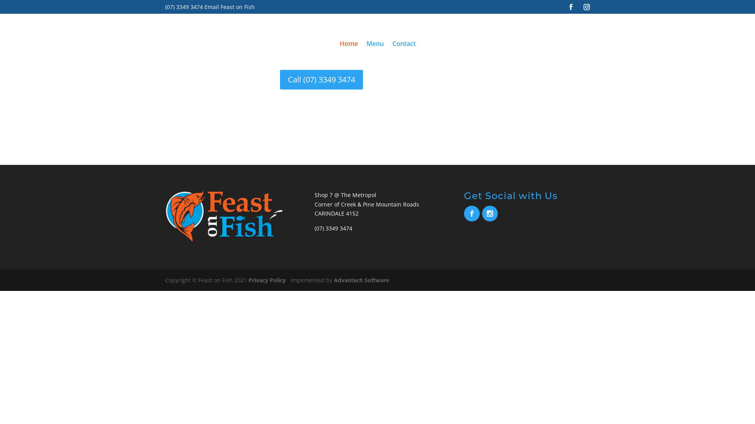  I want to click on '(07) 3349 3474', so click(165, 7).